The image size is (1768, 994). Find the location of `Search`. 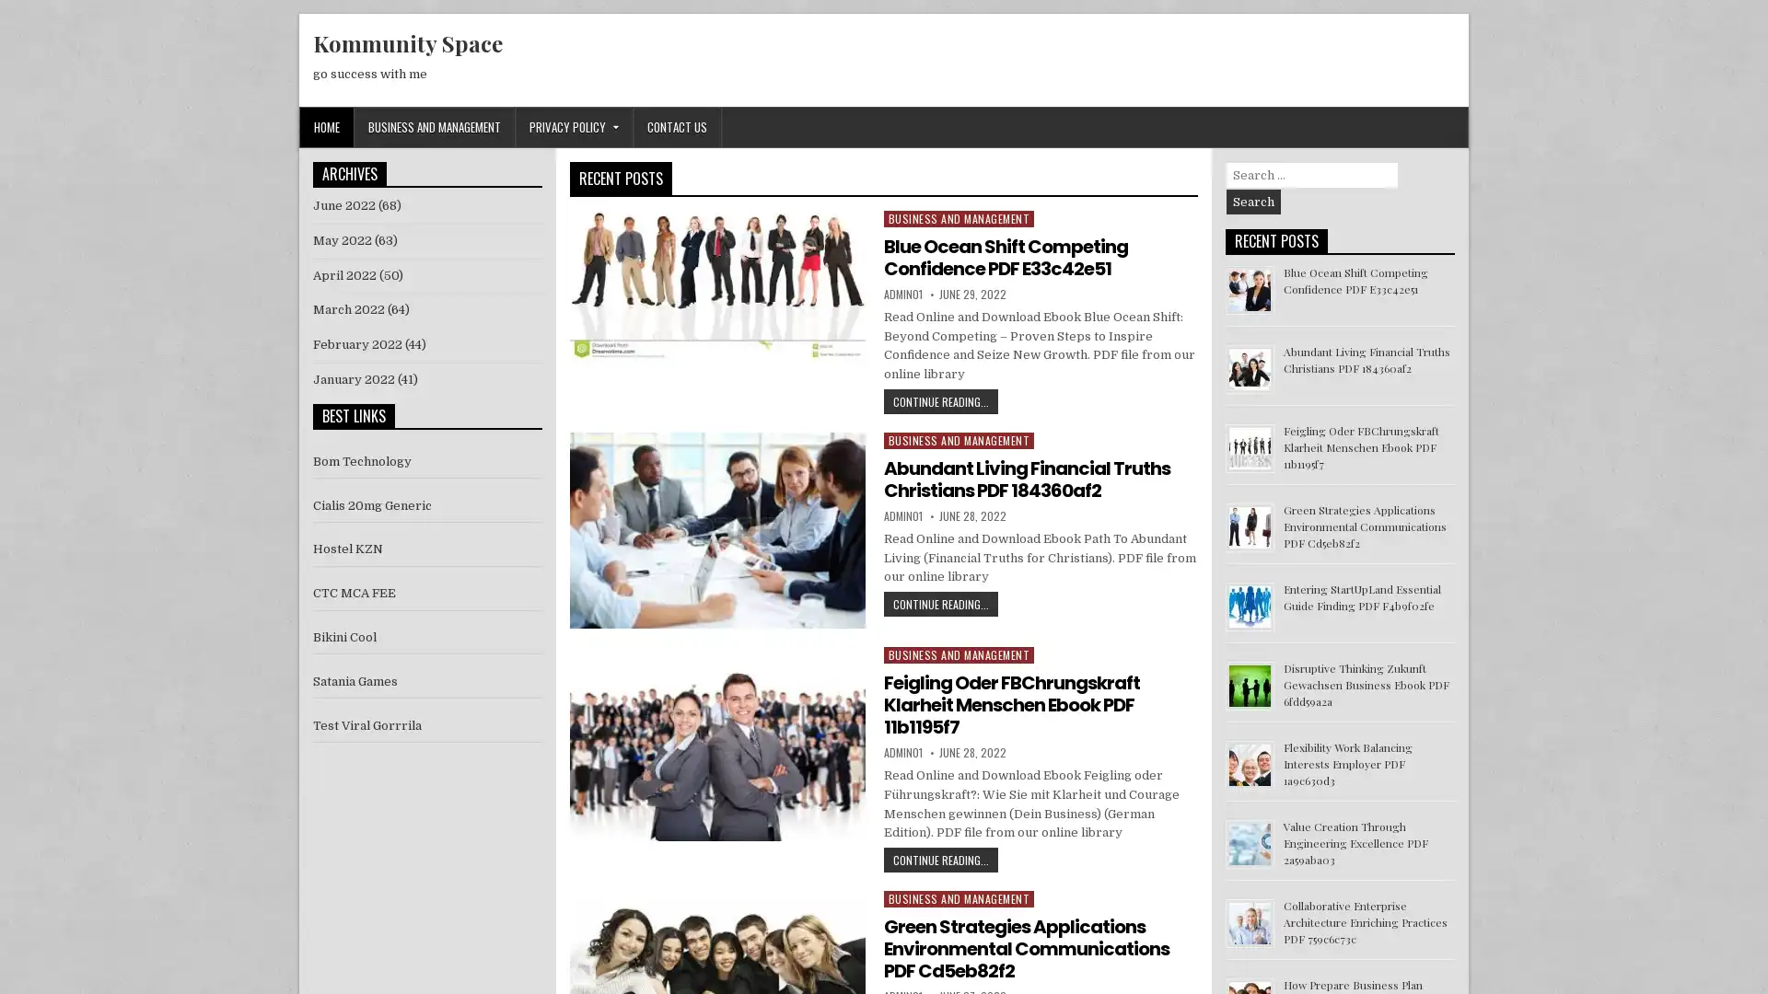

Search is located at coordinates (1252, 202).